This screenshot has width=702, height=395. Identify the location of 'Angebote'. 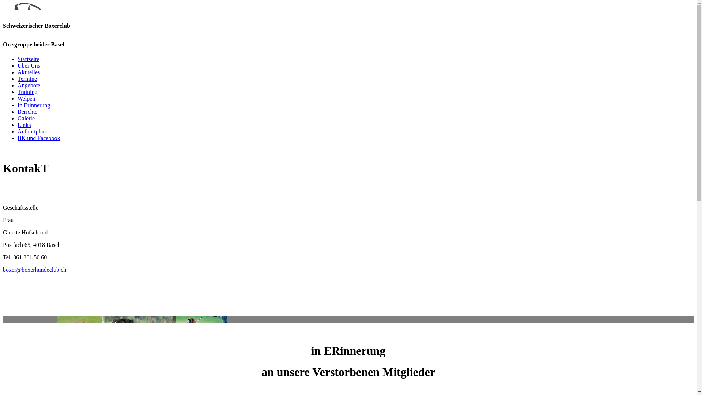
(29, 85).